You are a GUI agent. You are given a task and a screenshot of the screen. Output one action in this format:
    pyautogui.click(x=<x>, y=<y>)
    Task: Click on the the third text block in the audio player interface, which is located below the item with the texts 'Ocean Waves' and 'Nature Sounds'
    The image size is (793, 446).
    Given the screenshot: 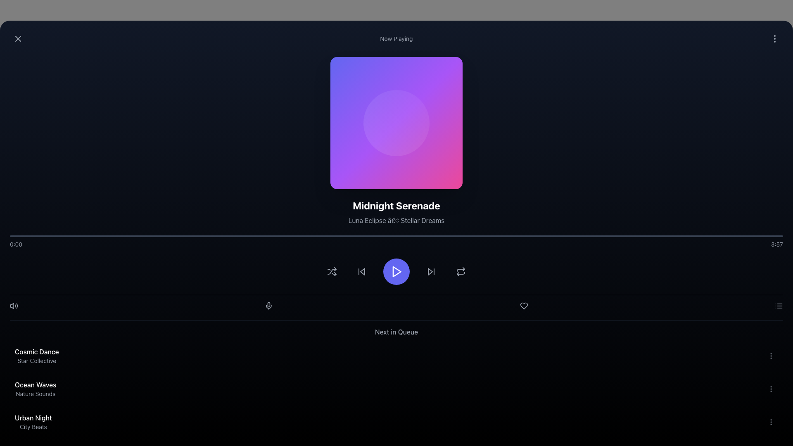 What is the action you would take?
    pyautogui.click(x=33, y=422)
    